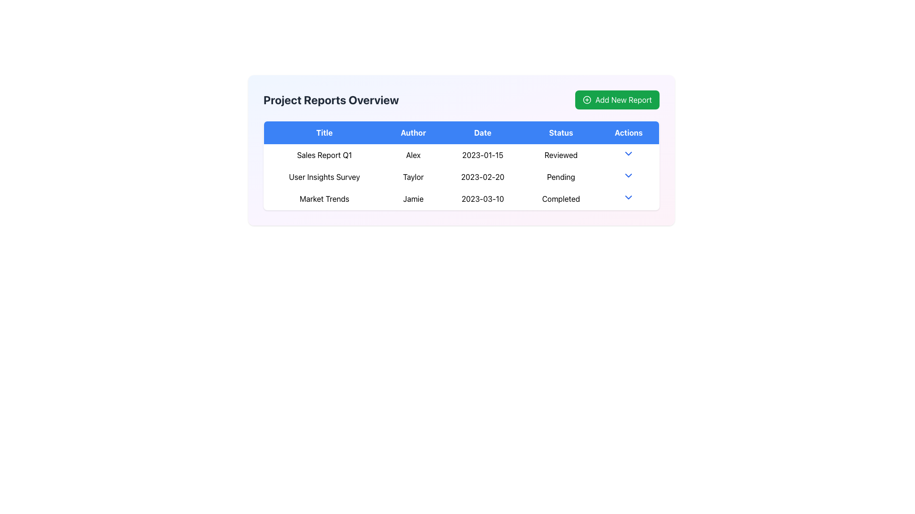 This screenshot has height=514, width=915. What do you see at coordinates (629, 197) in the screenshot?
I see `the downward arrow icon in the 'Actions' column of the last row of the table` at bounding box center [629, 197].